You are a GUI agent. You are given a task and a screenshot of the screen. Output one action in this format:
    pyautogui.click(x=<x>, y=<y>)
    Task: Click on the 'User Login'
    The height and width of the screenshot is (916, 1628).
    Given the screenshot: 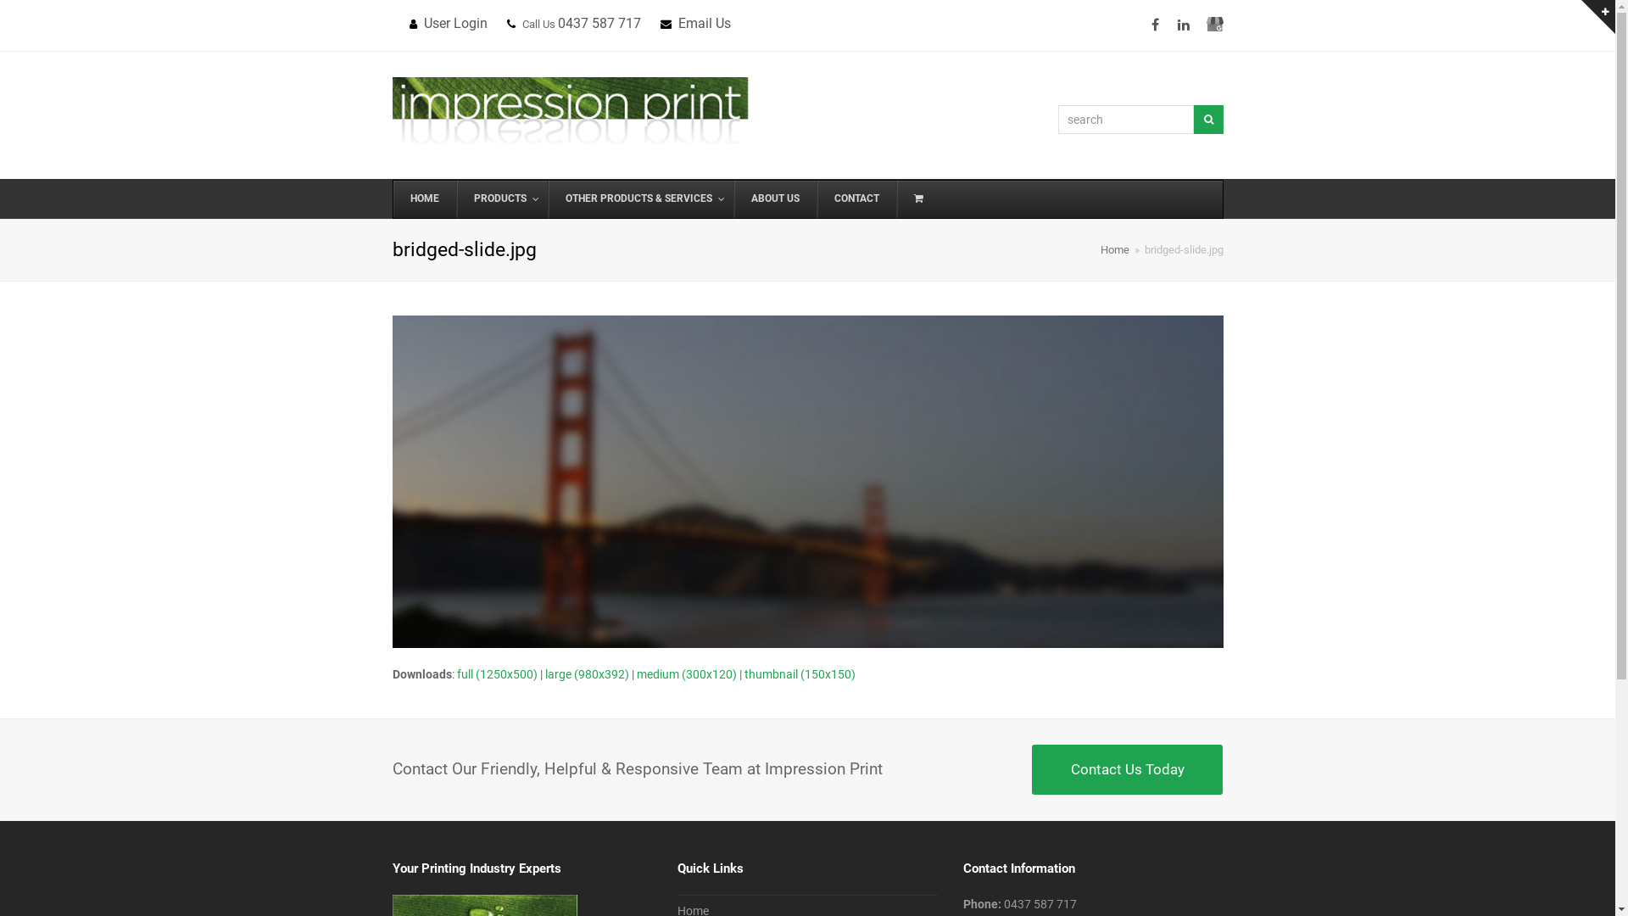 What is the action you would take?
    pyautogui.click(x=455, y=23)
    